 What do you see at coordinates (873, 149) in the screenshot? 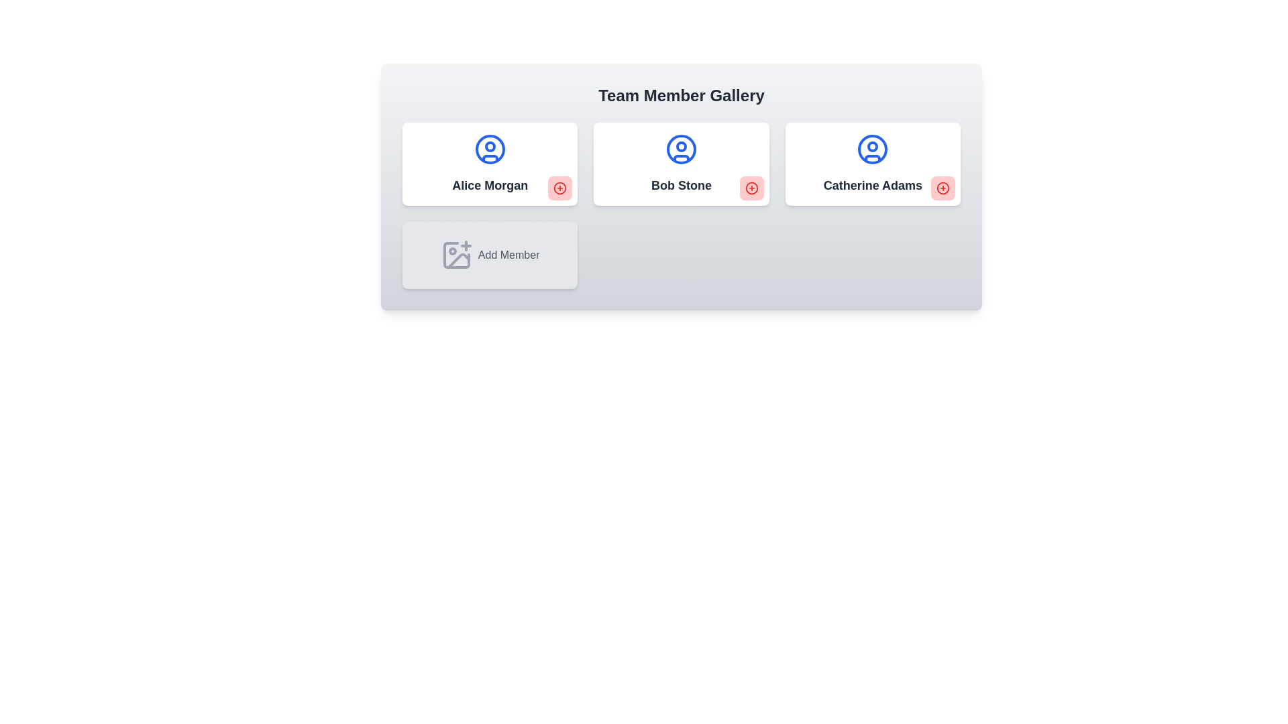
I see `the circular user profile icon with a thick blue outline, located in the third card above the text 'Catherine Adams'` at bounding box center [873, 149].